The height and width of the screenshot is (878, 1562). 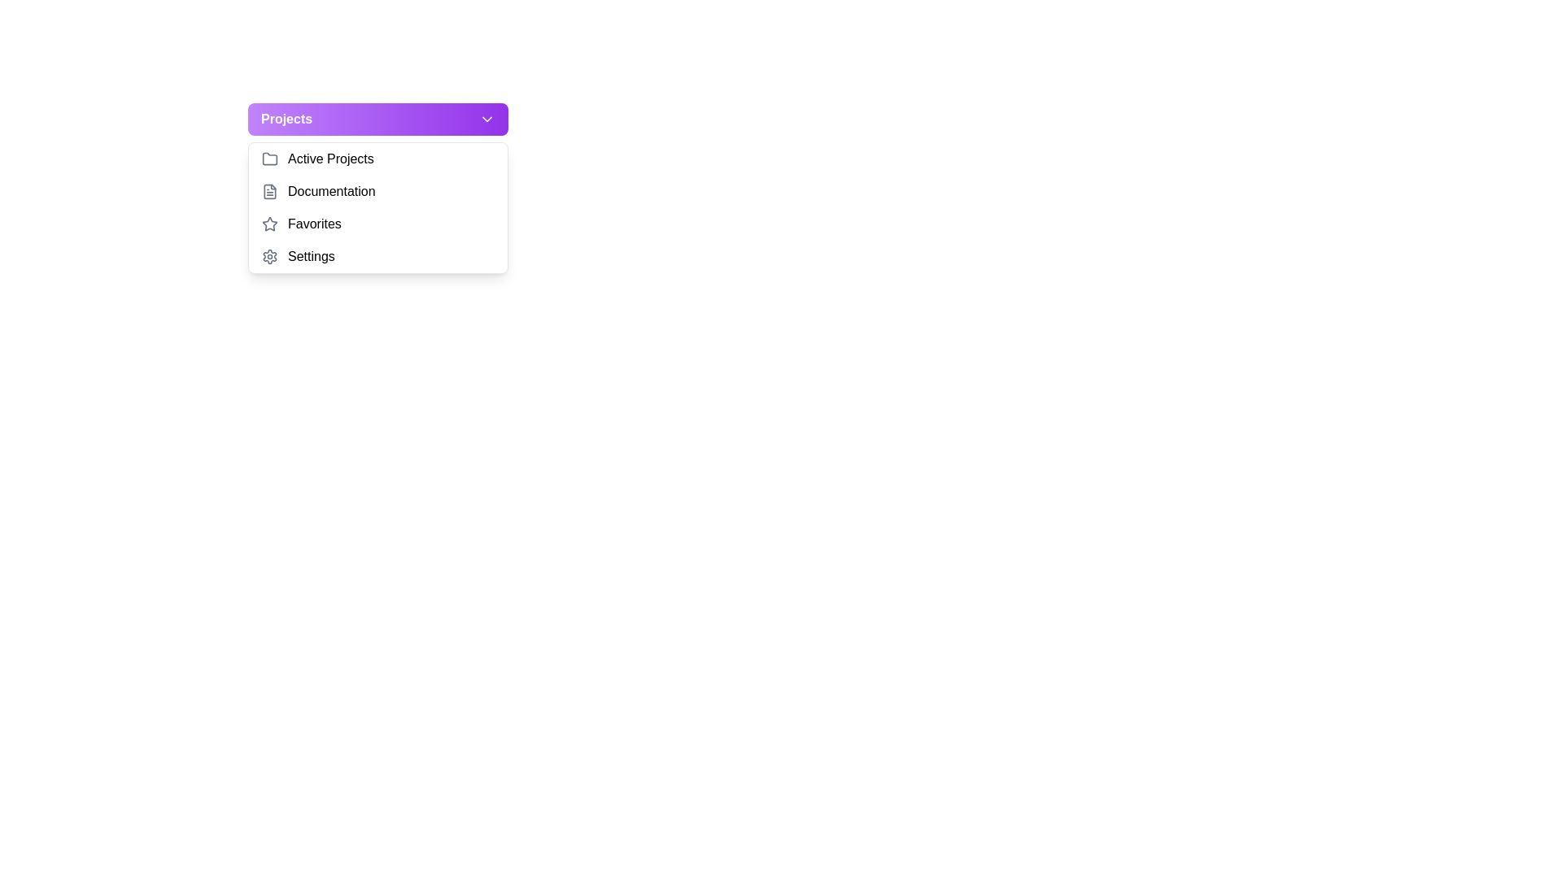 What do you see at coordinates (269, 256) in the screenshot?
I see `the decorative icon representing the 'Settings' option in the dropdown menu titled 'Projects'` at bounding box center [269, 256].